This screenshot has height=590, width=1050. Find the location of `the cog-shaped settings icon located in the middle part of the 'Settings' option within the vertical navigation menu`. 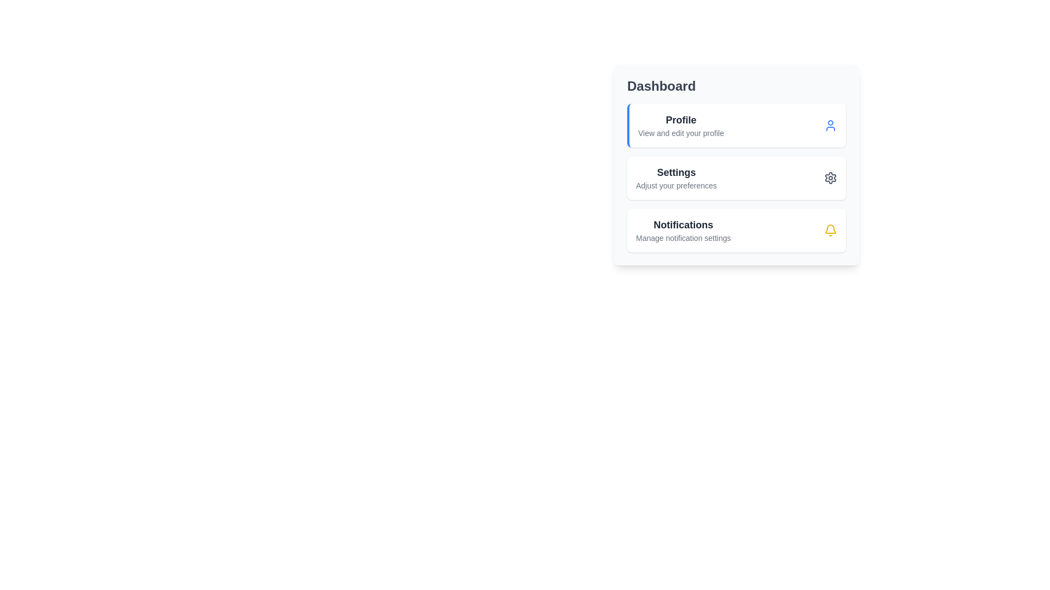

the cog-shaped settings icon located in the middle part of the 'Settings' option within the vertical navigation menu is located at coordinates (830, 178).